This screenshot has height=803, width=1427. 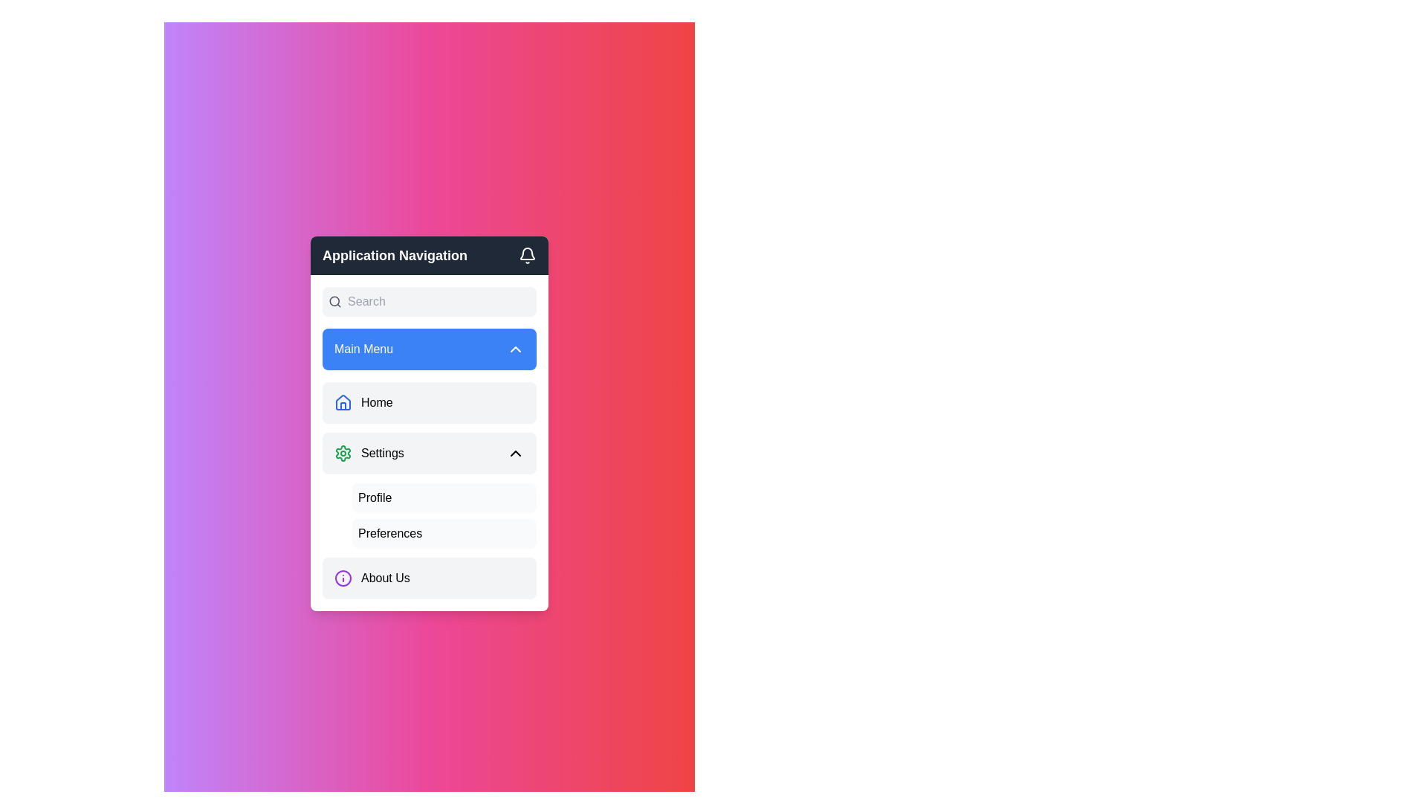 What do you see at coordinates (428, 515) in the screenshot?
I see `the 'Profile' option in the Vertical menu group located under the 'Settings' menu` at bounding box center [428, 515].